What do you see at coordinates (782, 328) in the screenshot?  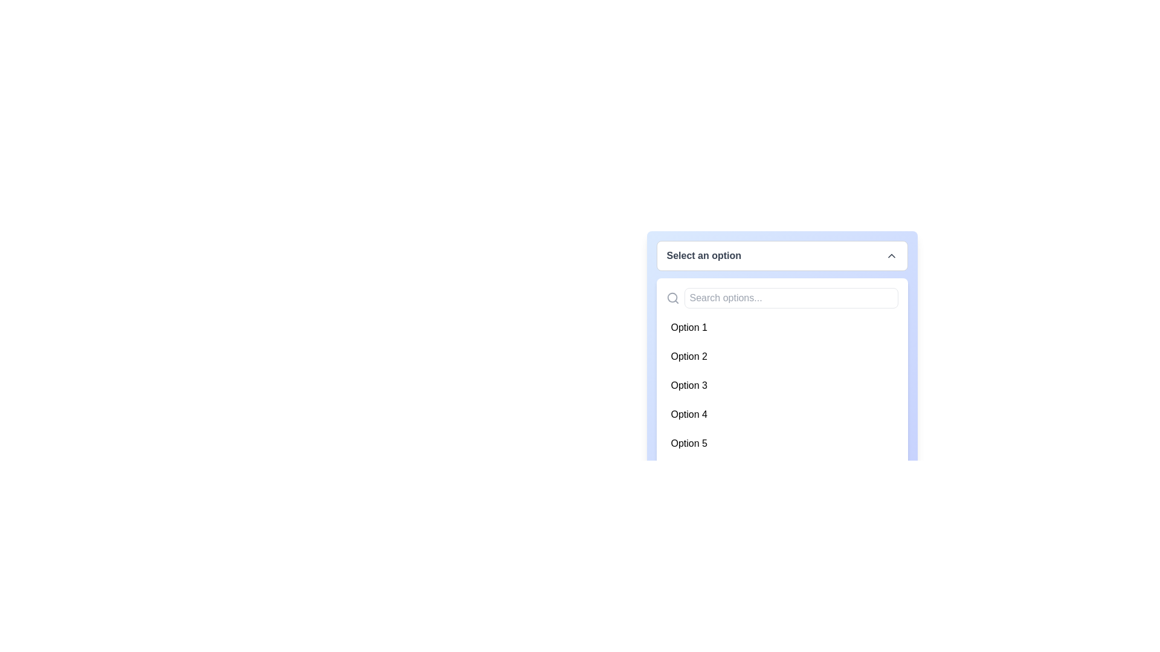 I see `the first selectable item in the dropdown menu, which represents 'Option 1'` at bounding box center [782, 328].